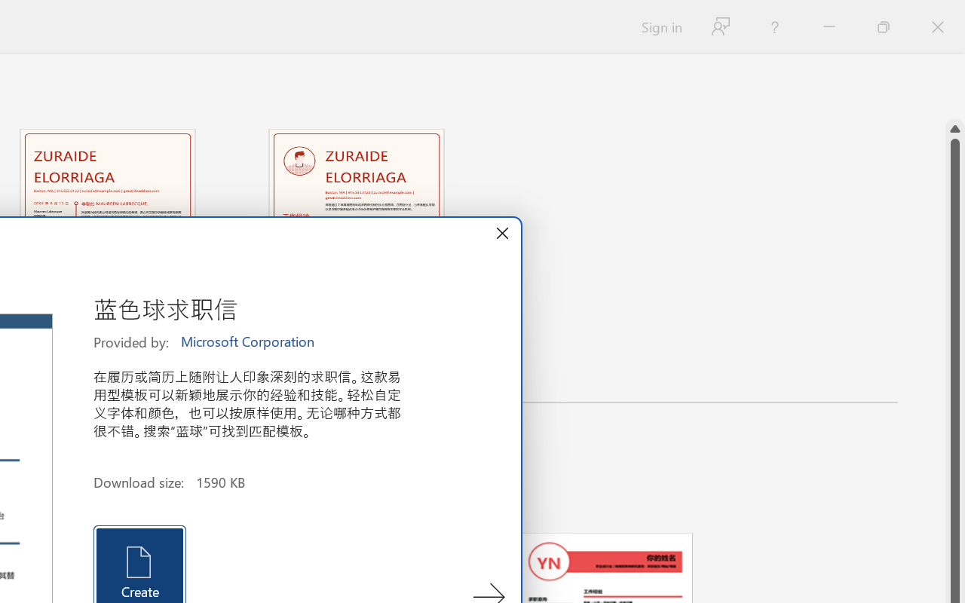  What do you see at coordinates (954, 128) in the screenshot?
I see `'Line up'` at bounding box center [954, 128].